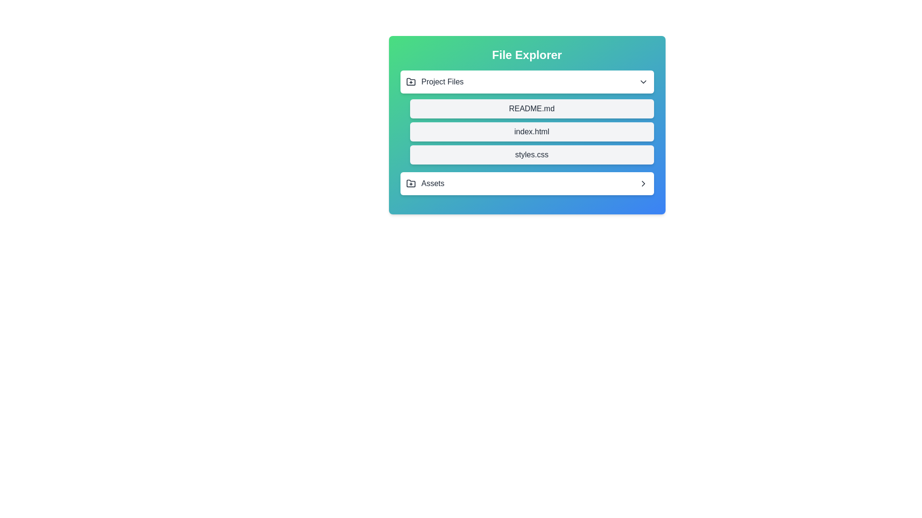 The image size is (922, 518). What do you see at coordinates (531, 154) in the screenshot?
I see `the button representing the 'styles.css' file located below the 'README.md' and 'index.html' buttons in the 'File Explorer' section` at bounding box center [531, 154].